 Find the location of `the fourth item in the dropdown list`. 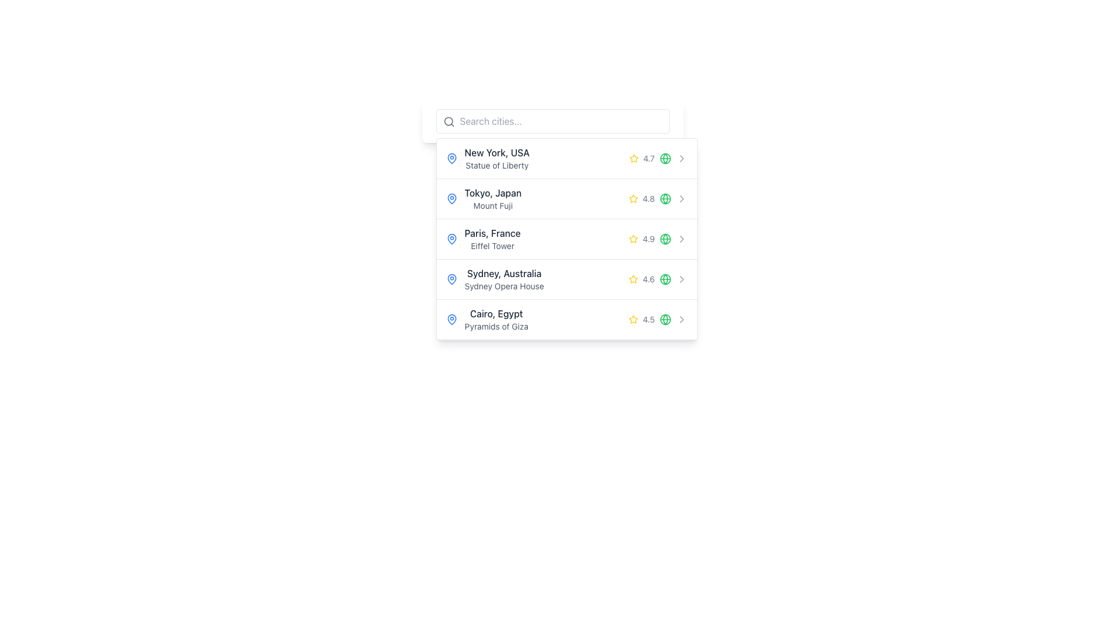

the fourth item in the dropdown list is located at coordinates (566, 279).